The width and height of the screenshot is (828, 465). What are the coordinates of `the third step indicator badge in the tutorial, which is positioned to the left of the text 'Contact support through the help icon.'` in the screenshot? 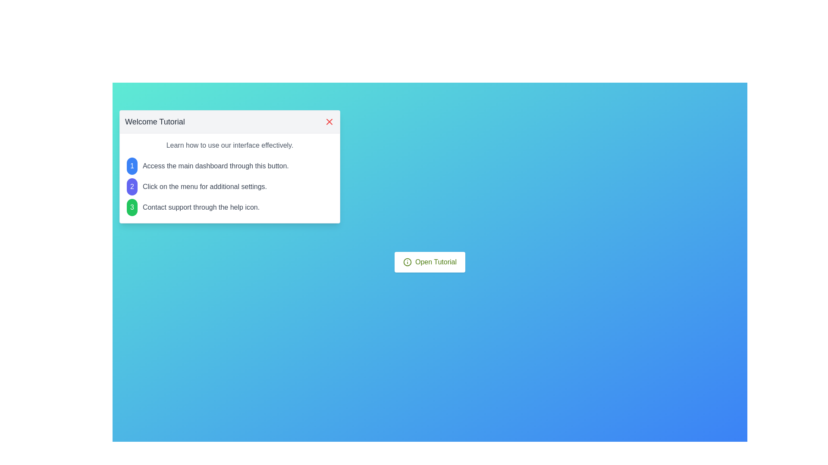 It's located at (132, 208).